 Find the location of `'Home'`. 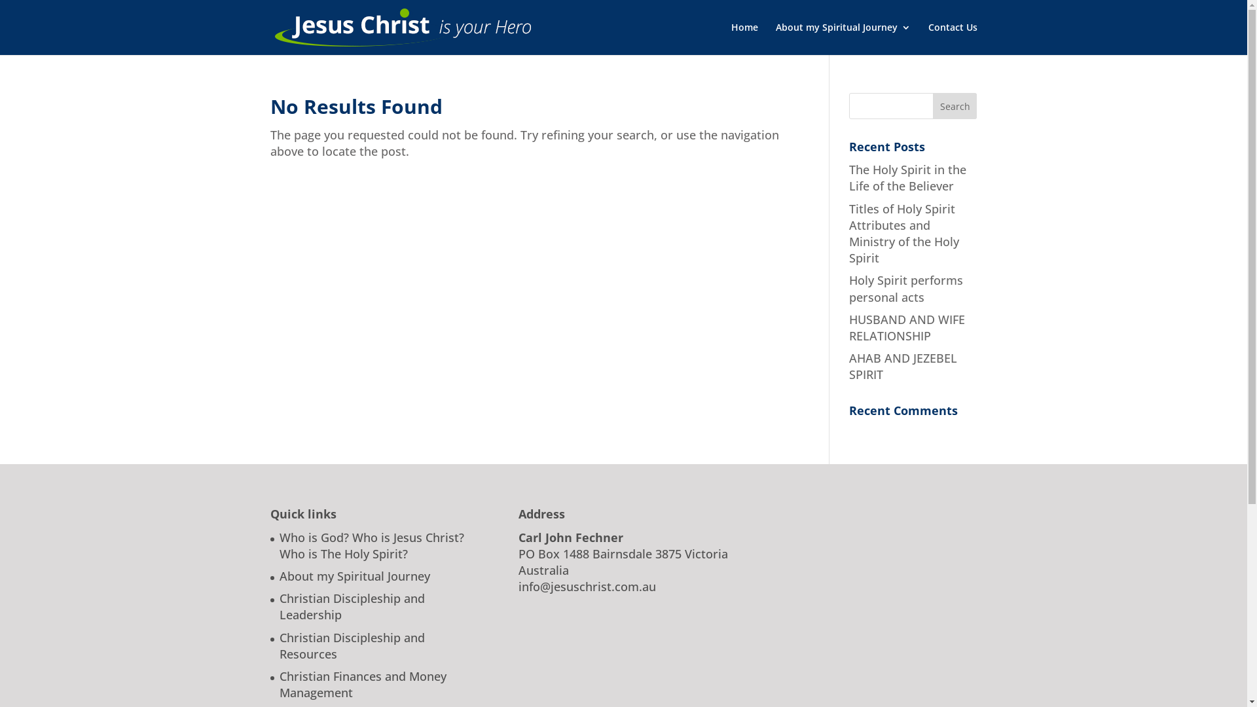

'Home' is located at coordinates (744, 38).